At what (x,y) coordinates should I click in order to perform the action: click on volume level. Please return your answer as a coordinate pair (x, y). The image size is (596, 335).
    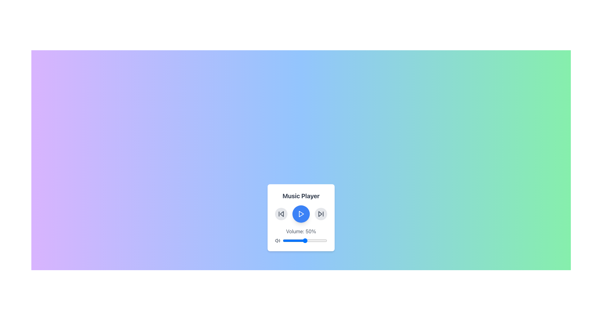
    Looking at the image, I should click on (322, 240).